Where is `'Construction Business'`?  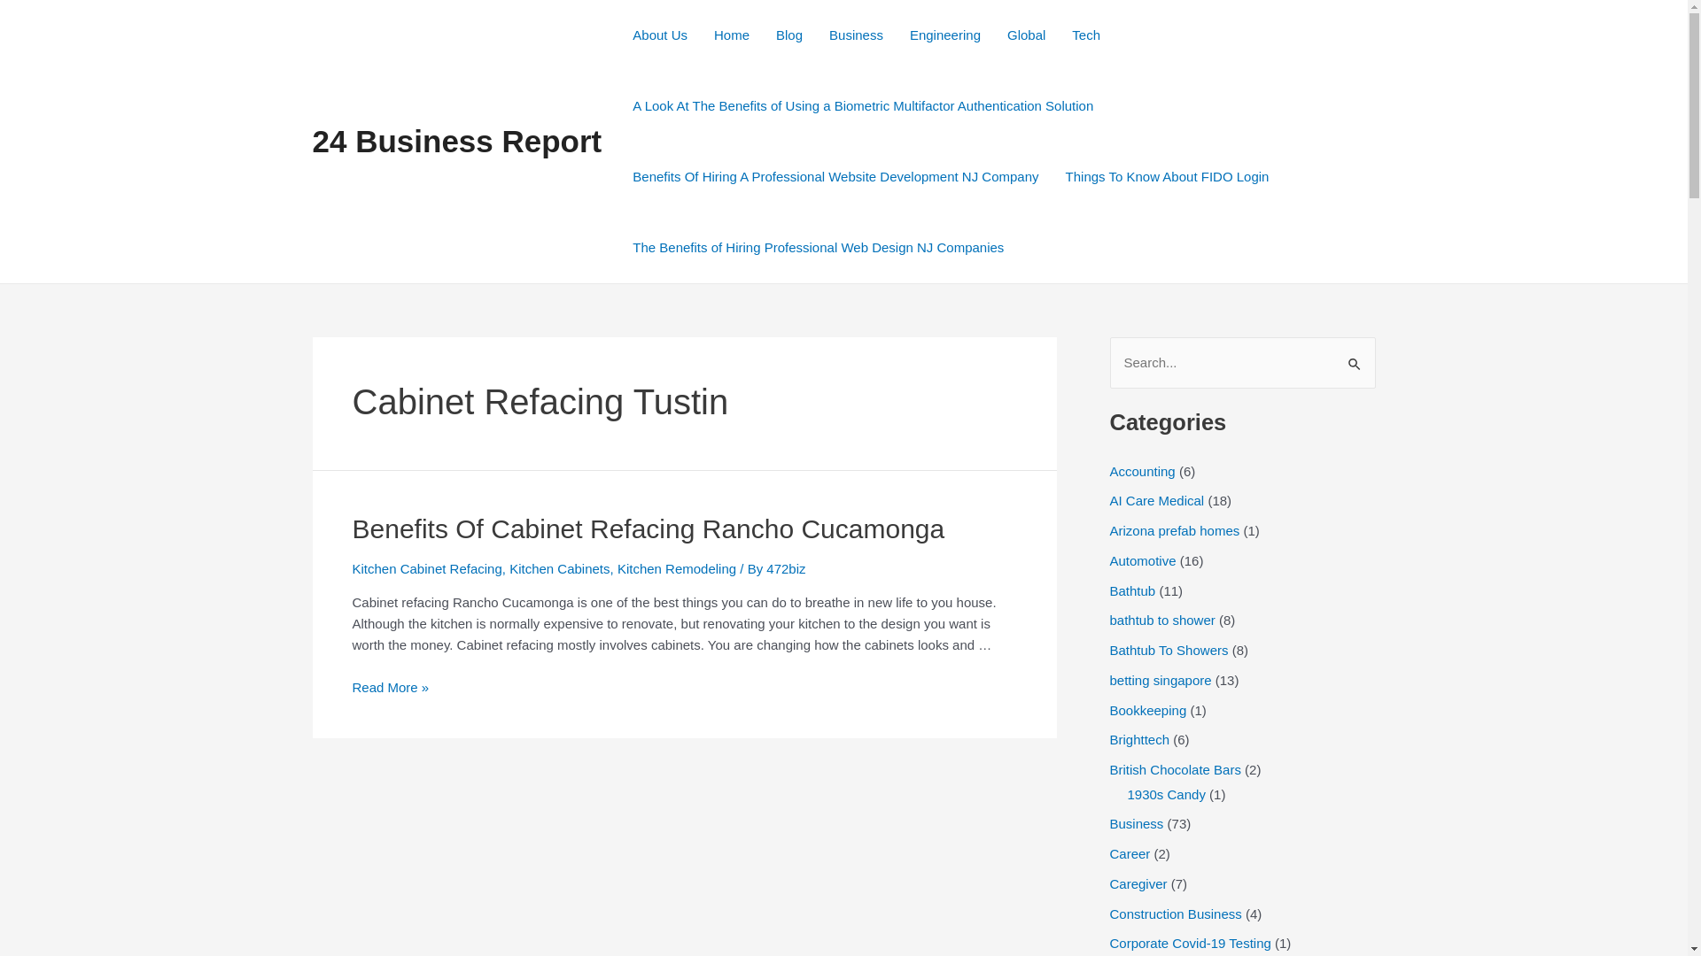 'Construction Business' is located at coordinates (1175, 914).